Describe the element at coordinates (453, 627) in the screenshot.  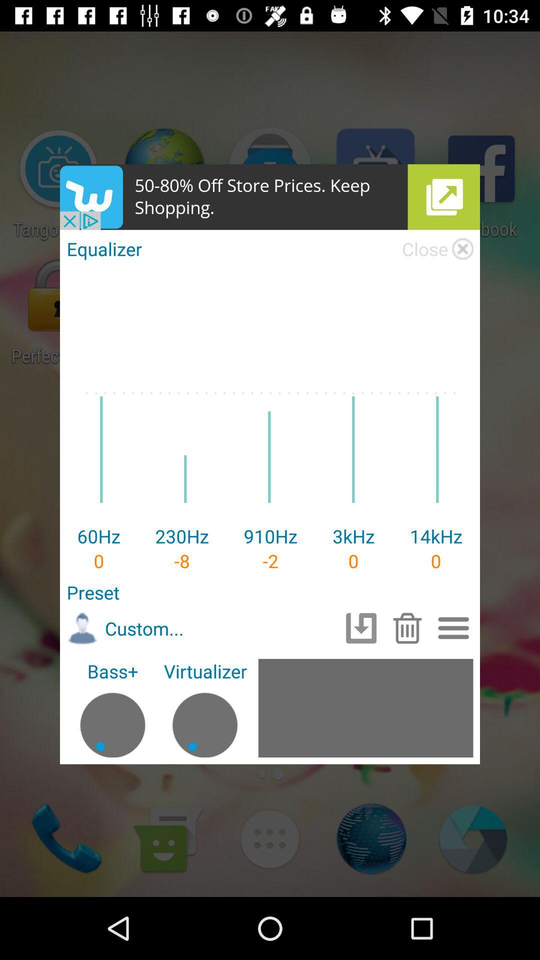
I see `the menu icon` at that location.